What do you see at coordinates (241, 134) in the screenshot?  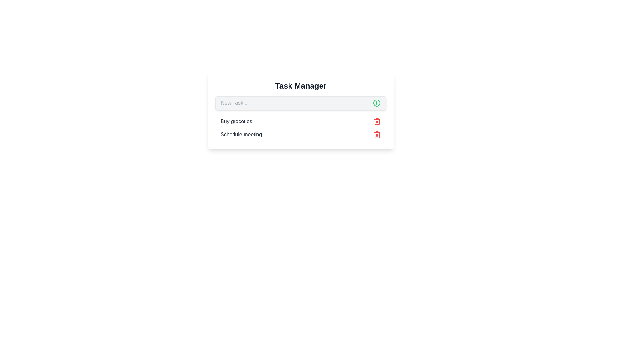 I see `static text element that displays 'Schedule meeting' in medium gray color, located centrally in the second row of the task list` at bounding box center [241, 134].